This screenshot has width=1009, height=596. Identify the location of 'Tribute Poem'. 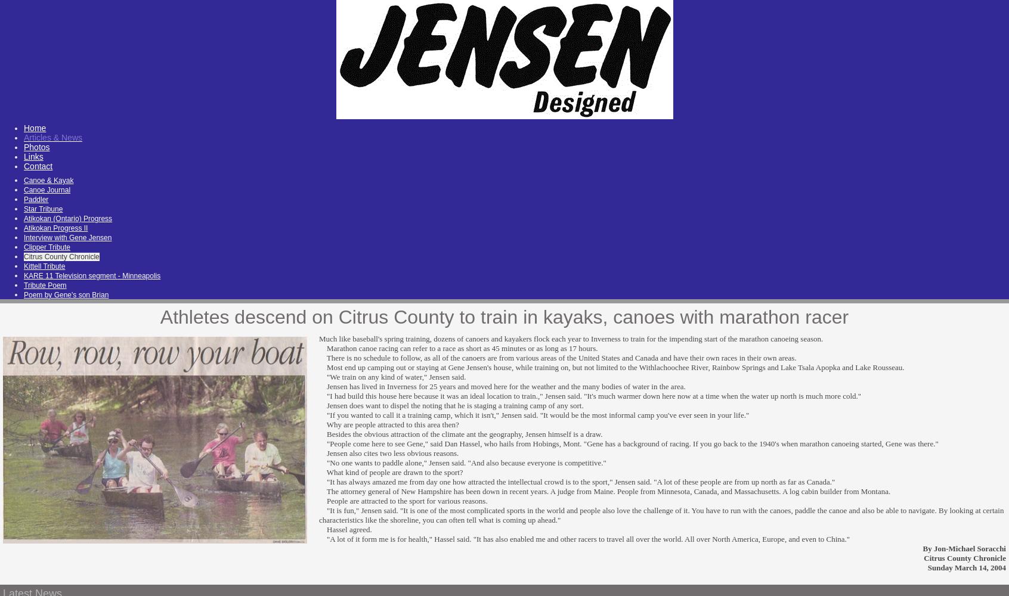
(45, 285).